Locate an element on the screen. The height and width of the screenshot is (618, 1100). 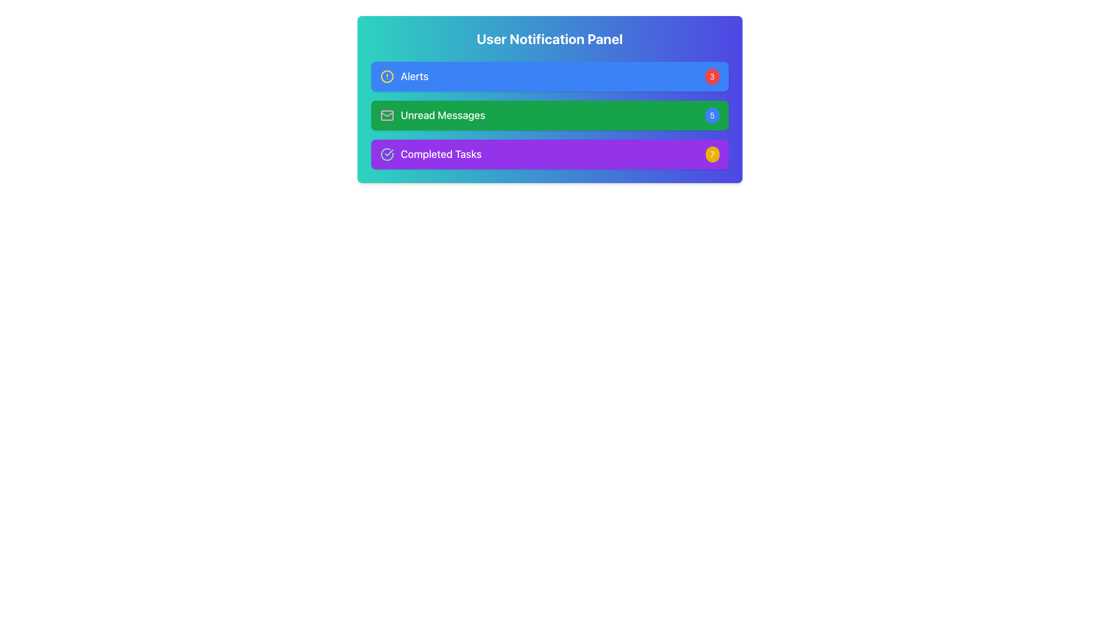
the 'Completed Tasks' button that displays a count of 7 to use it as a link if it is interactive is located at coordinates (549, 154).